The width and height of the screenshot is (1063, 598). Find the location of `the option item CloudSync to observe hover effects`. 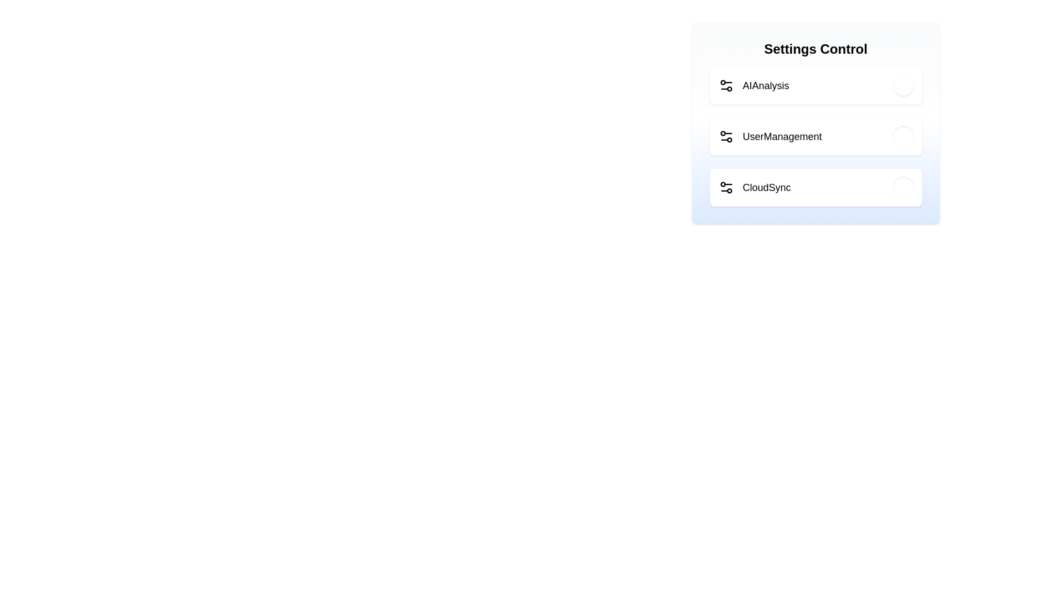

the option item CloudSync to observe hover effects is located at coordinates (816, 187).